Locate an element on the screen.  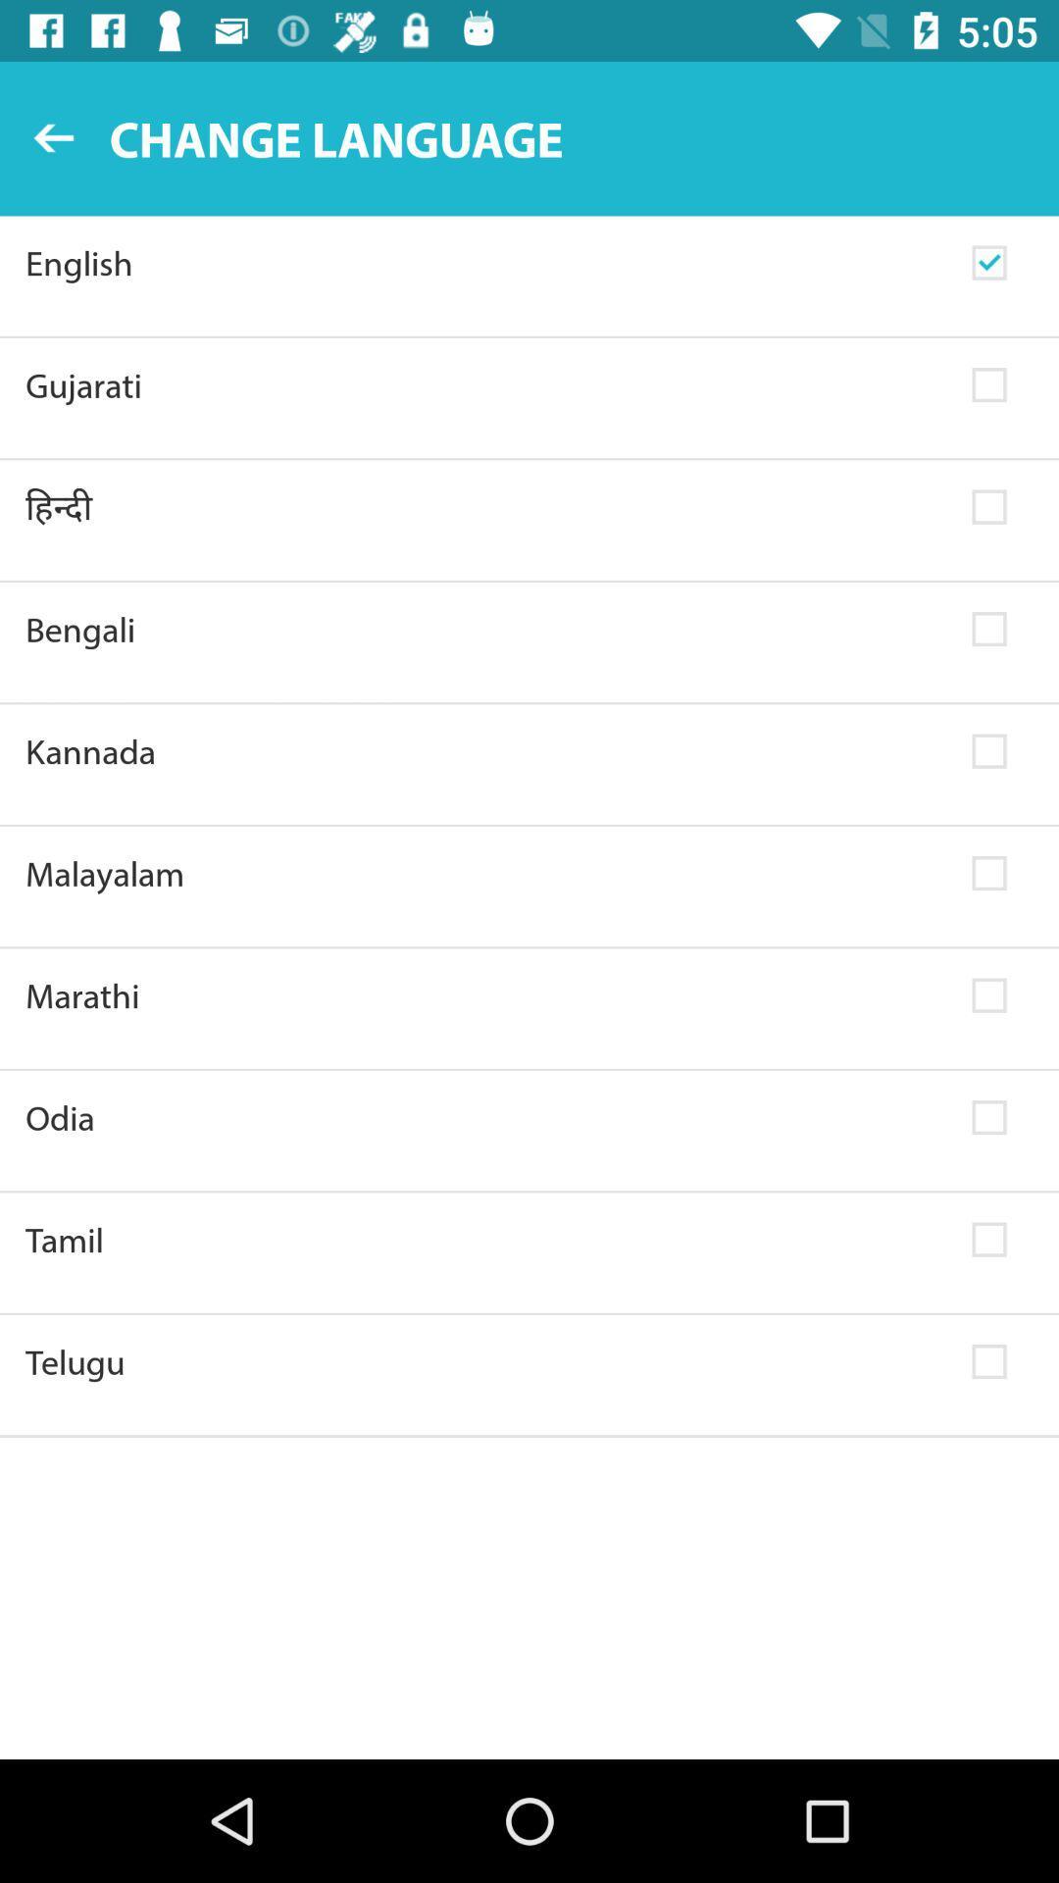
malayalam icon is located at coordinates (485, 873).